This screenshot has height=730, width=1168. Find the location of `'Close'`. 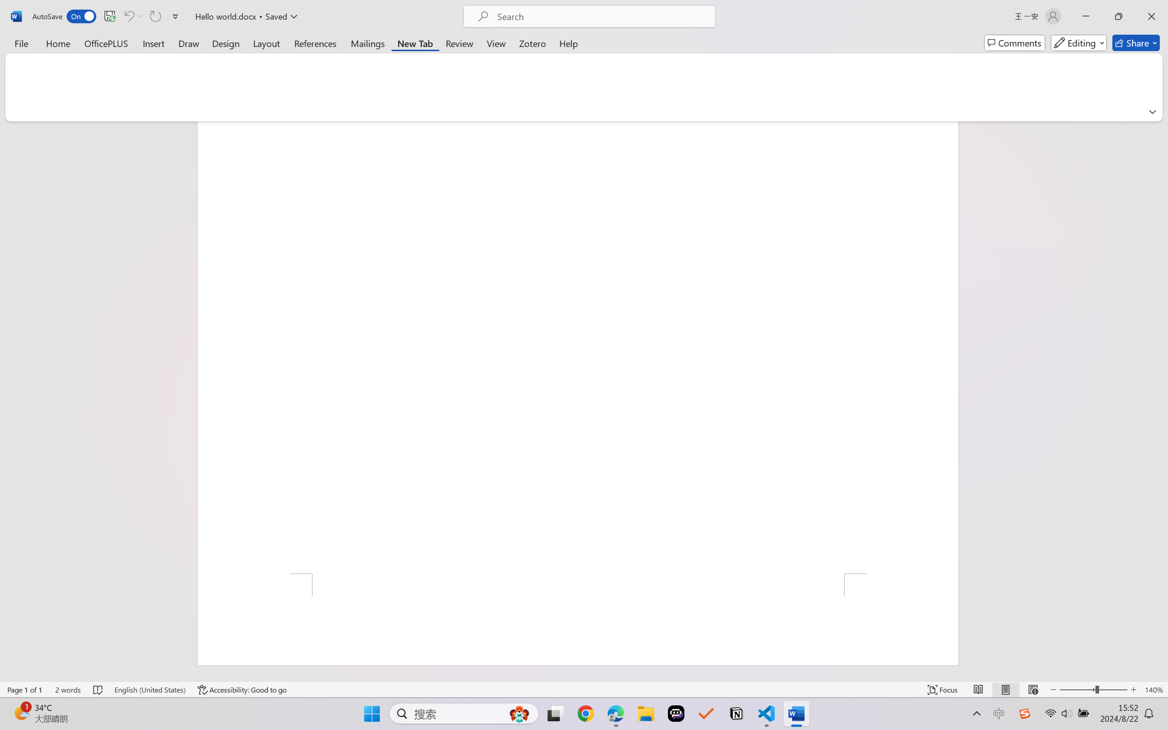

'Close' is located at coordinates (1151, 16).